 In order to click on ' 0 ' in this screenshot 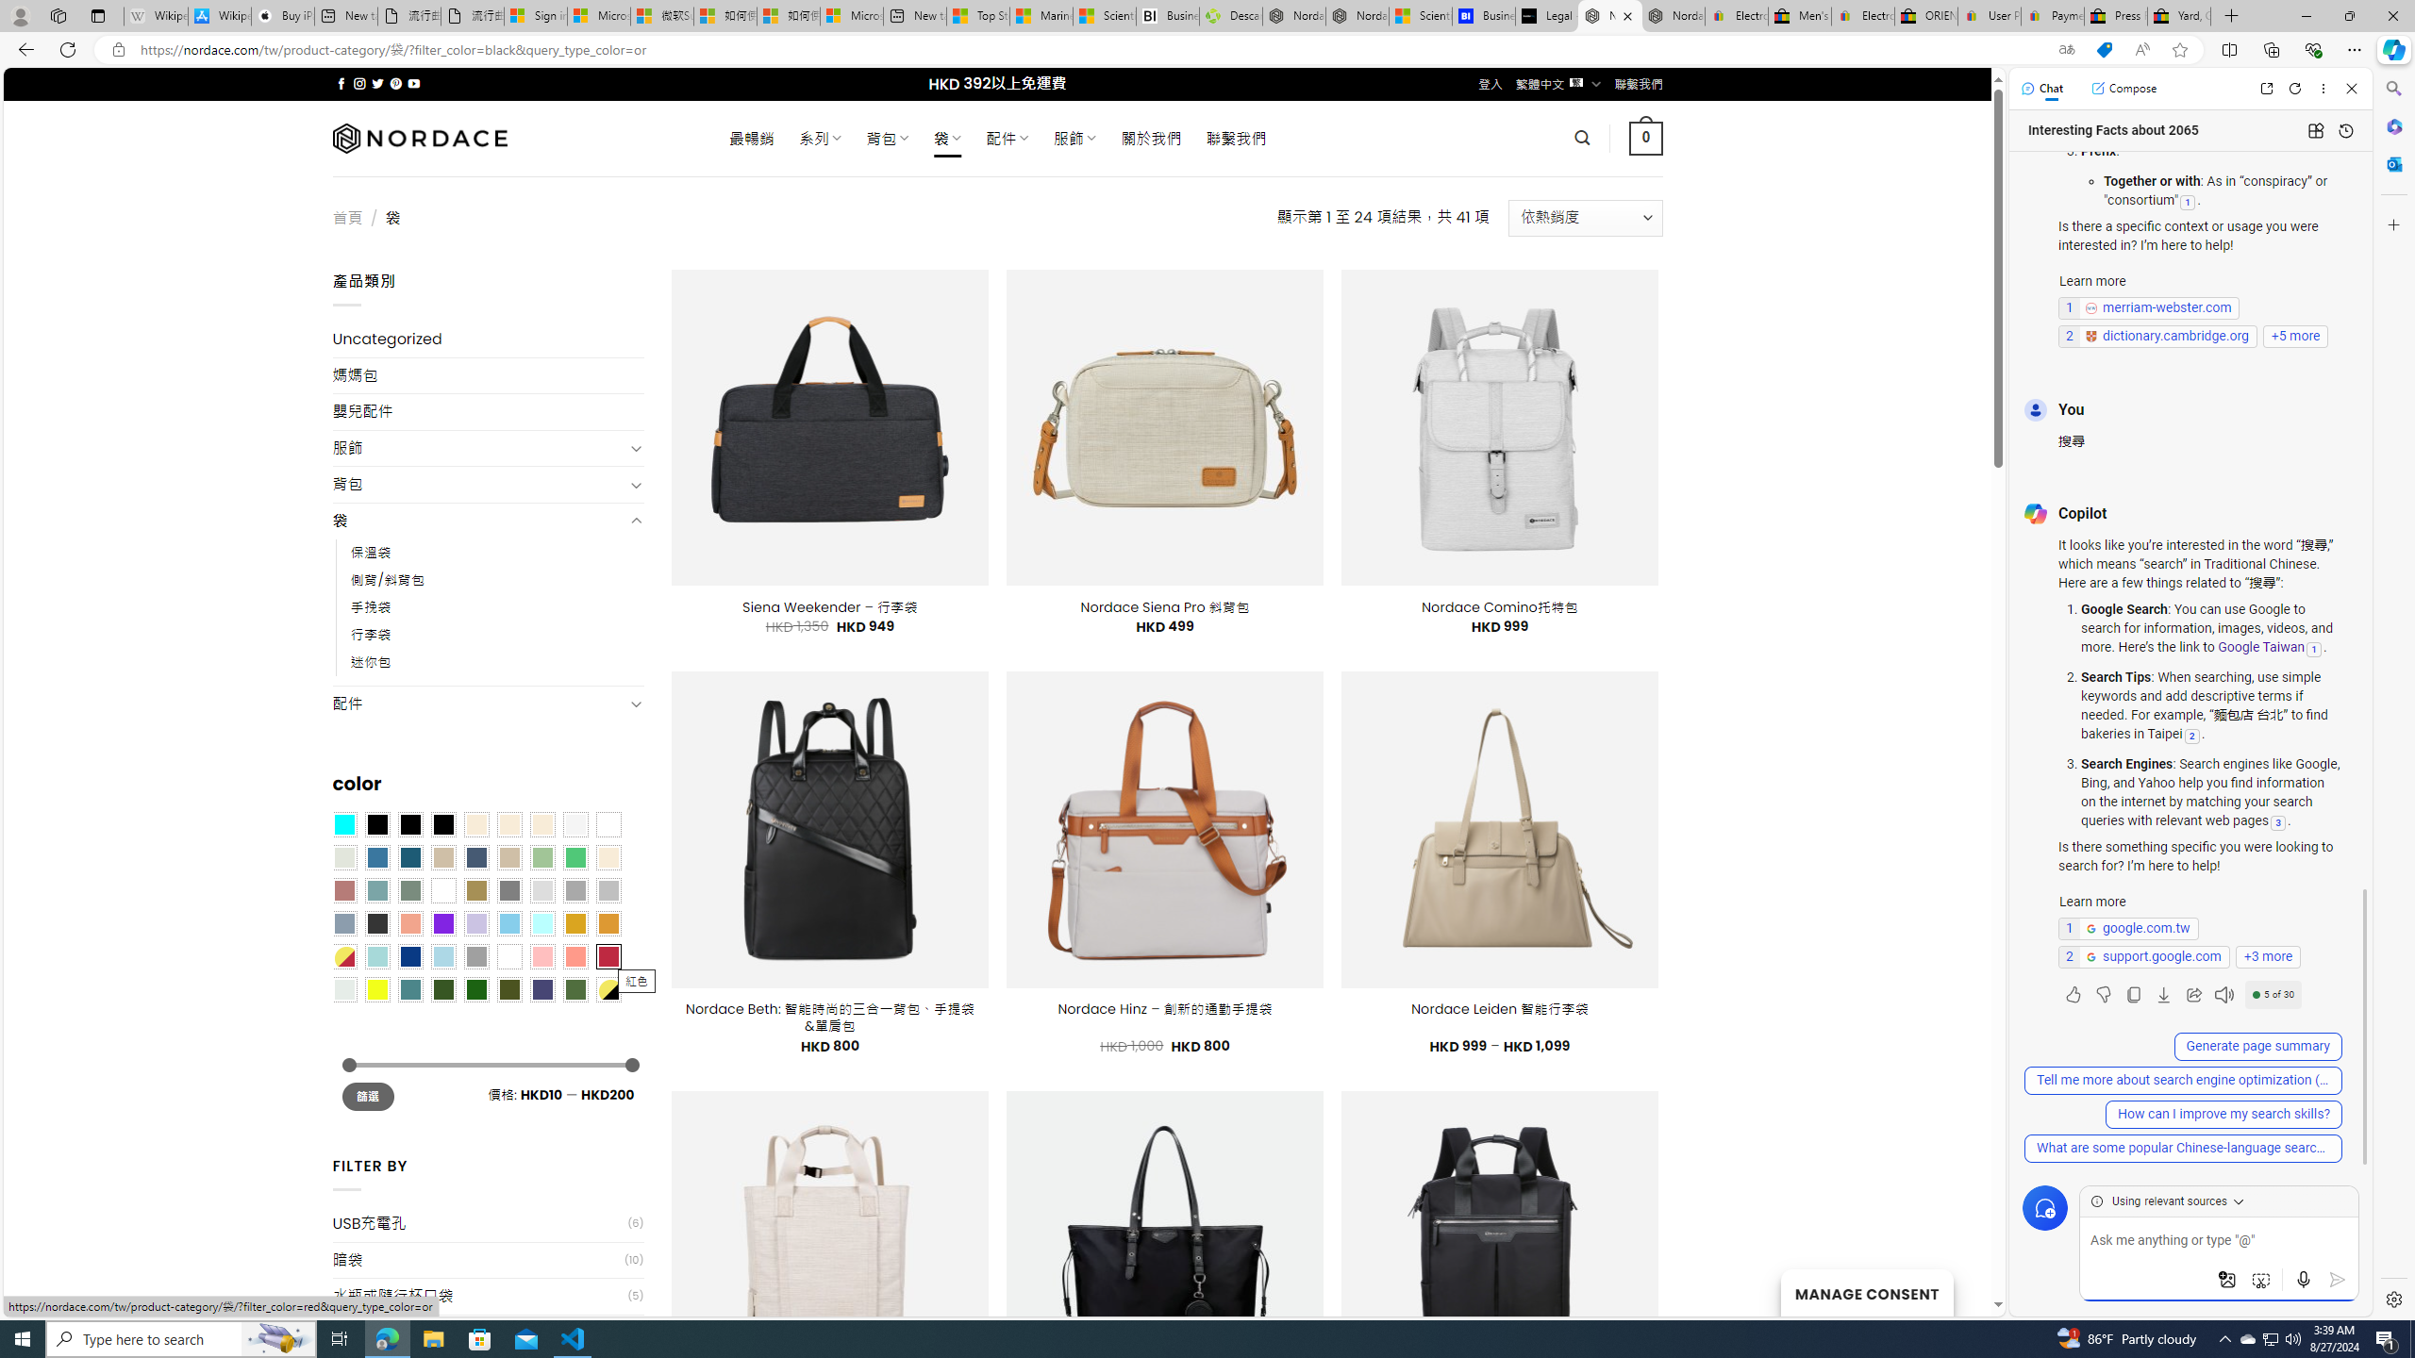, I will do `click(1645, 137)`.